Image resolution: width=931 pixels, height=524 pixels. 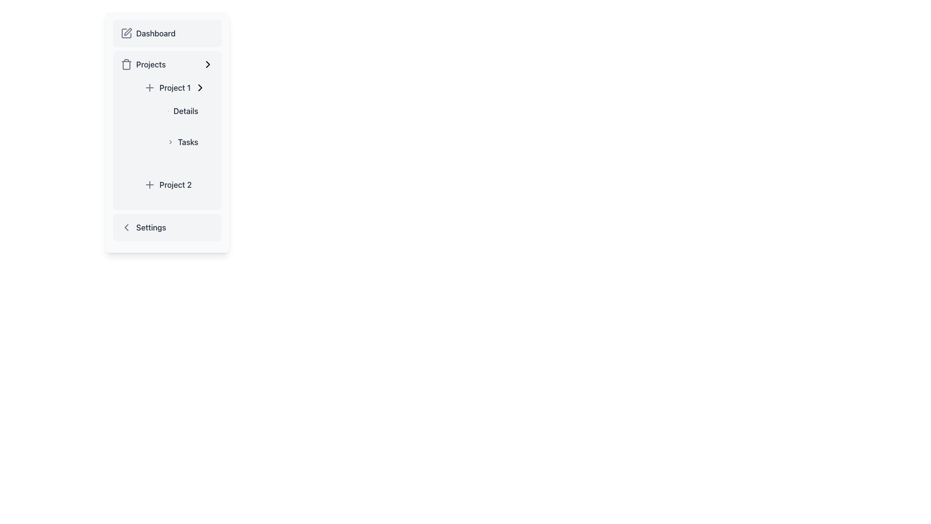 What do you see at coordinates (199, 88) in the screenshot?
I see `the chevron arrow icon next to 'Project 1'` at bounding box center [199, 88].